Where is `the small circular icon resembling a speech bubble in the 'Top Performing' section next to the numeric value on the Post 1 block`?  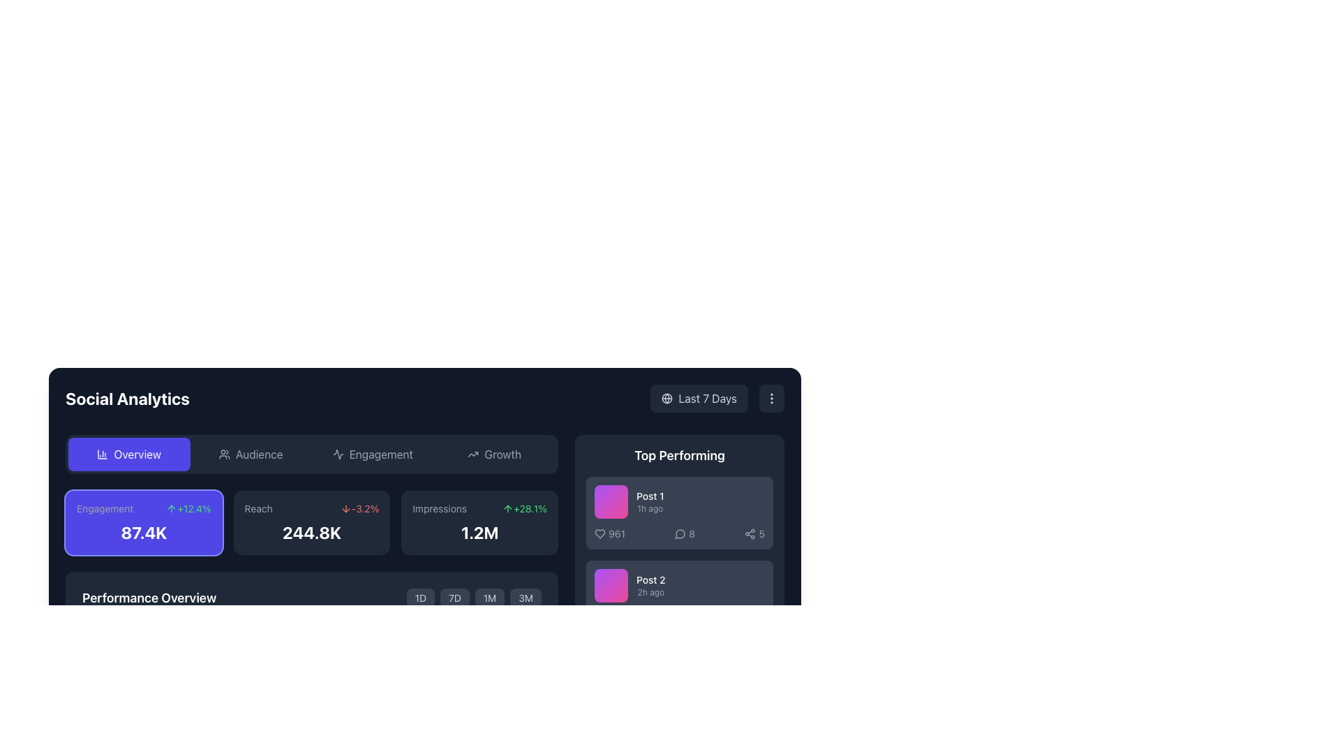 the small circular icon resembling a speech bubble in the 'Top Performing' section next to the numeric value on the Post 1 block is located at coordinates (680, 534).